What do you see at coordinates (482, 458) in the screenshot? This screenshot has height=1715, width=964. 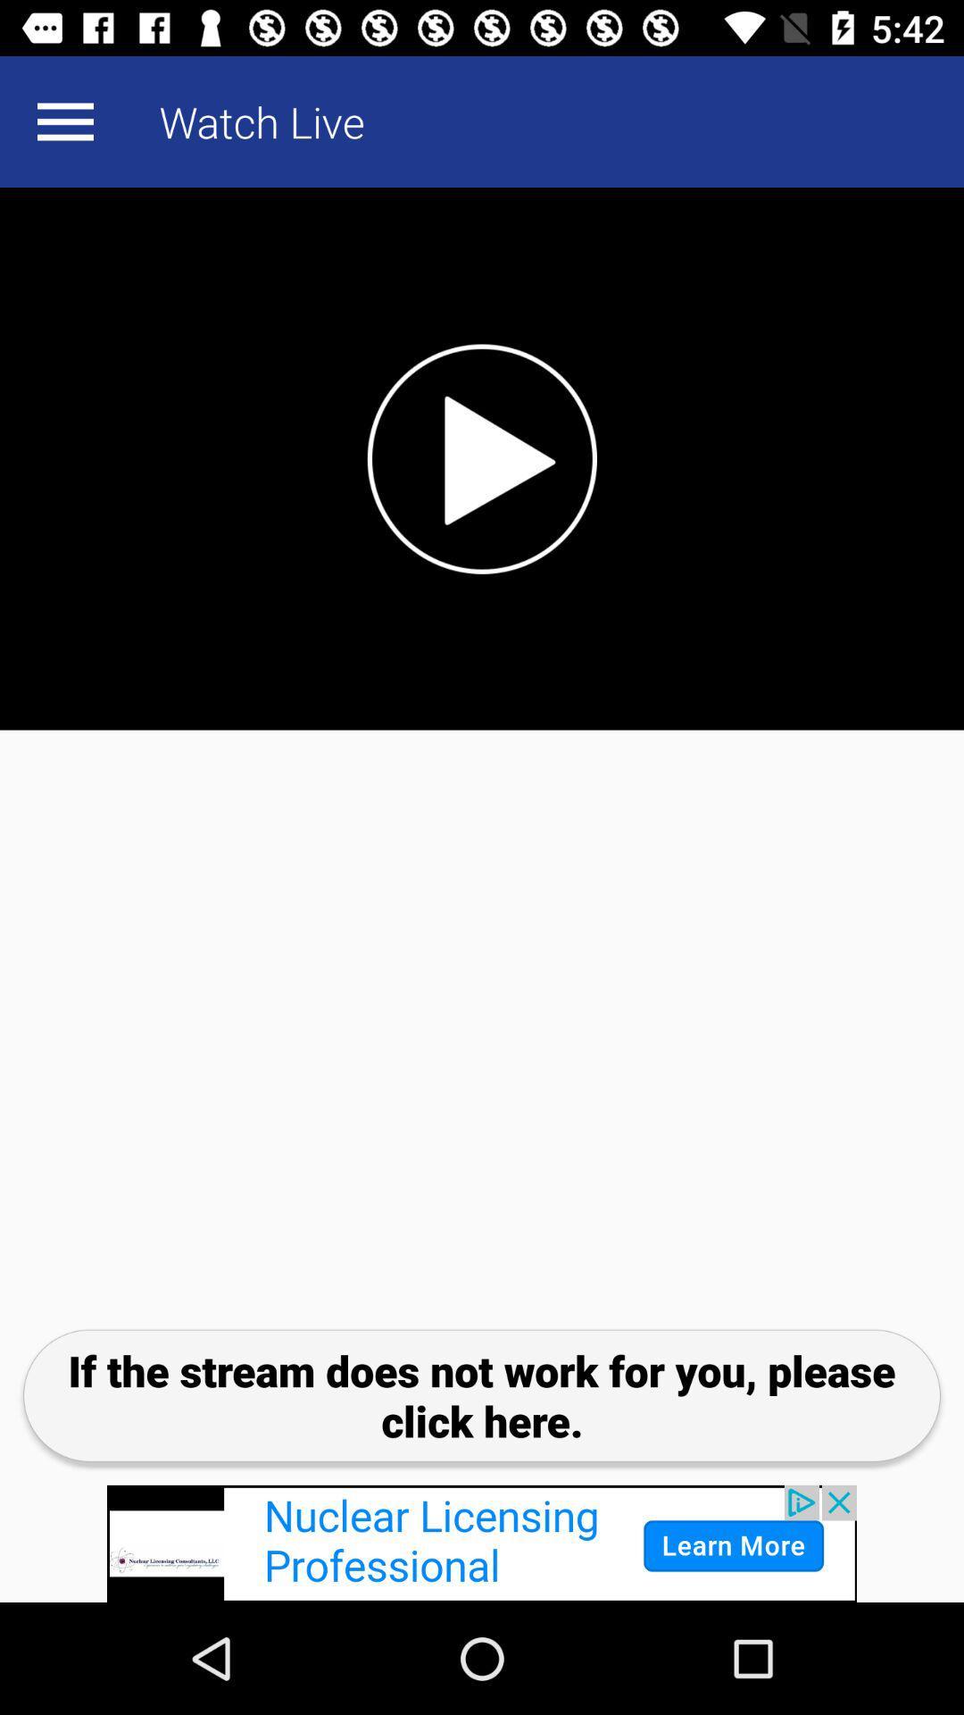 I see `button` at bounding box center [482, 458].